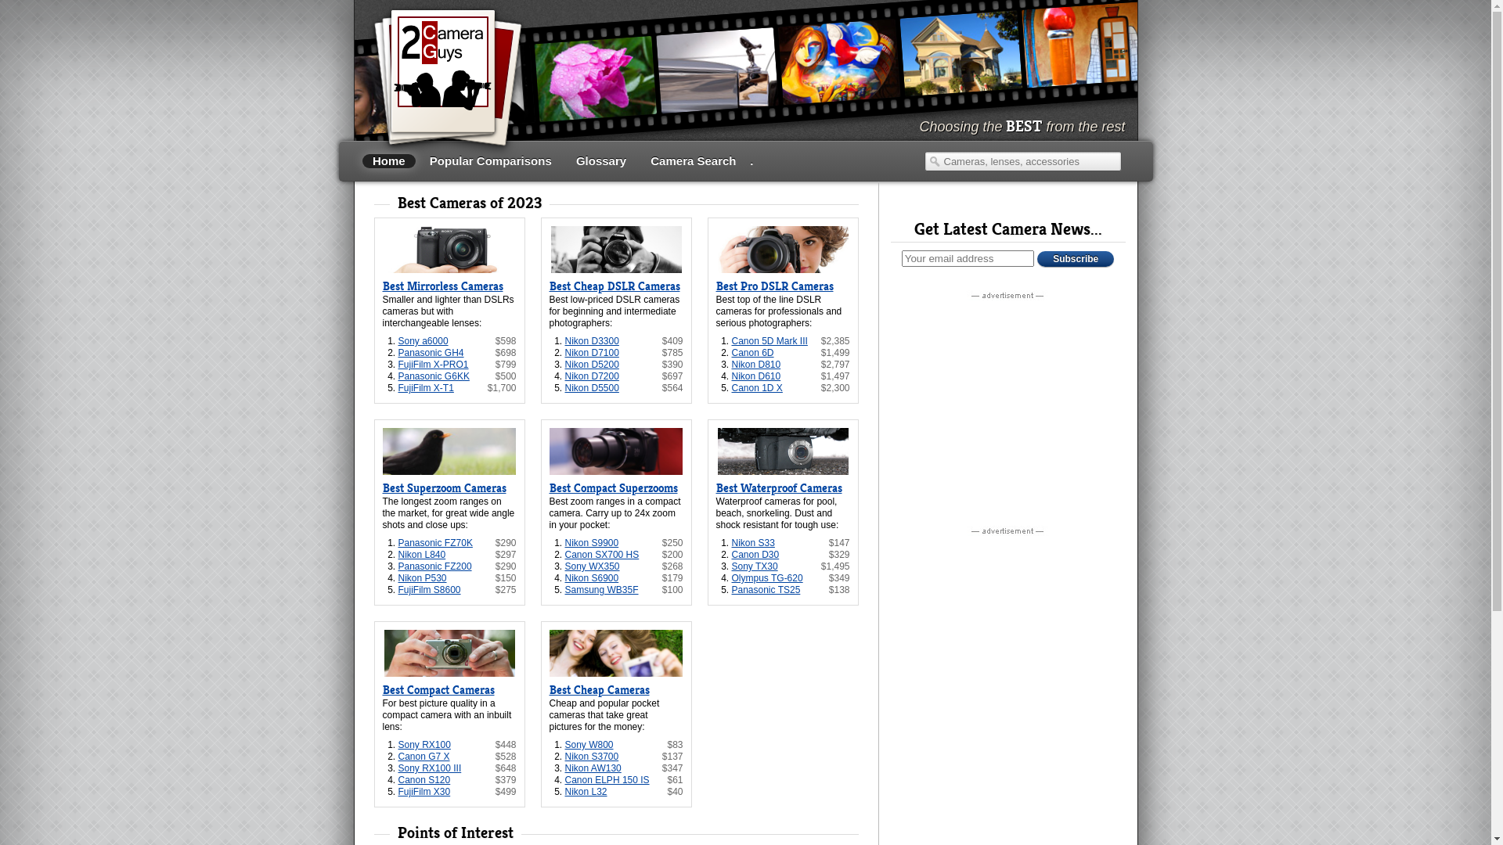  What do you see at coordinates (398, 365) in the screenshot?
I see `'FujiFilm X-PRO1'` at bounding box center [398, 365].